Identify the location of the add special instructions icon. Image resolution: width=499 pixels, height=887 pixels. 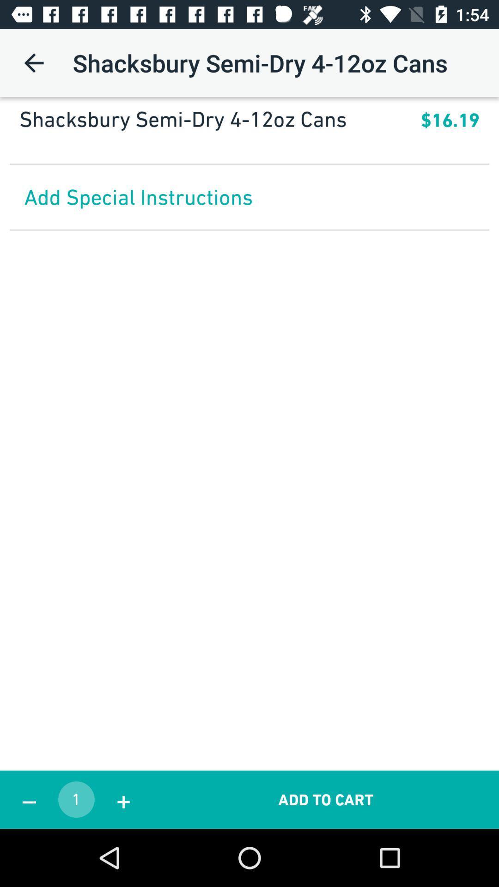
(249, 196).